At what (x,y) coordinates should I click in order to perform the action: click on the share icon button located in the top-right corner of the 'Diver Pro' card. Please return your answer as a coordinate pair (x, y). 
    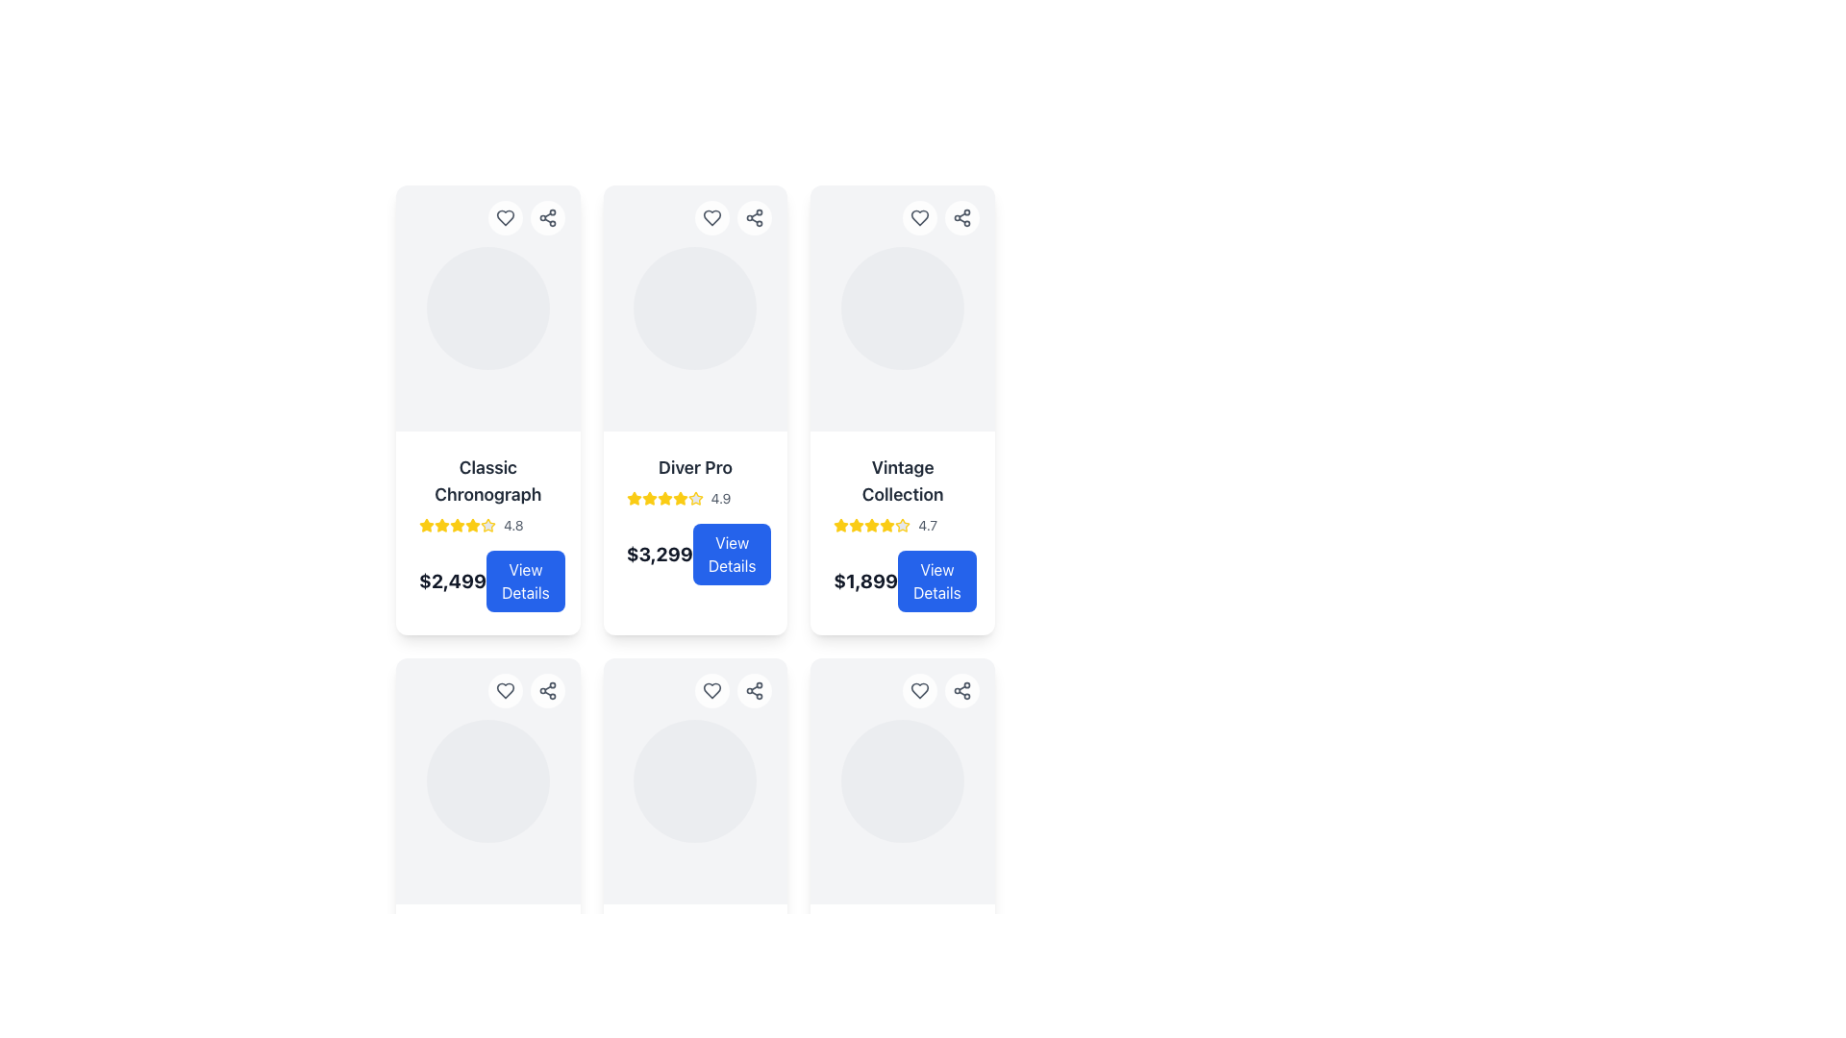
    Looking at the image, I should click on (546, 217).